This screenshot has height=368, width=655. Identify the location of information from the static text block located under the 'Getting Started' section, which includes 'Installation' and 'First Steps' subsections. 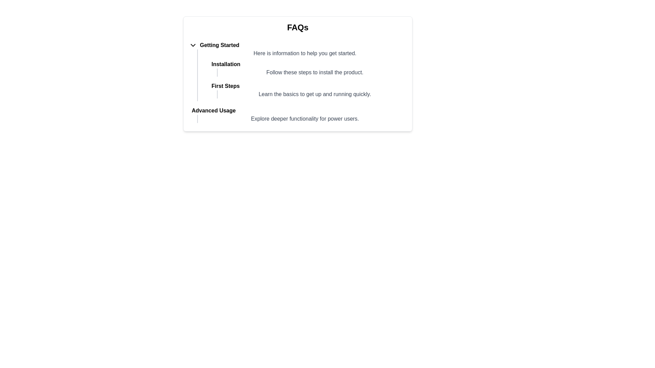
(301, 75).